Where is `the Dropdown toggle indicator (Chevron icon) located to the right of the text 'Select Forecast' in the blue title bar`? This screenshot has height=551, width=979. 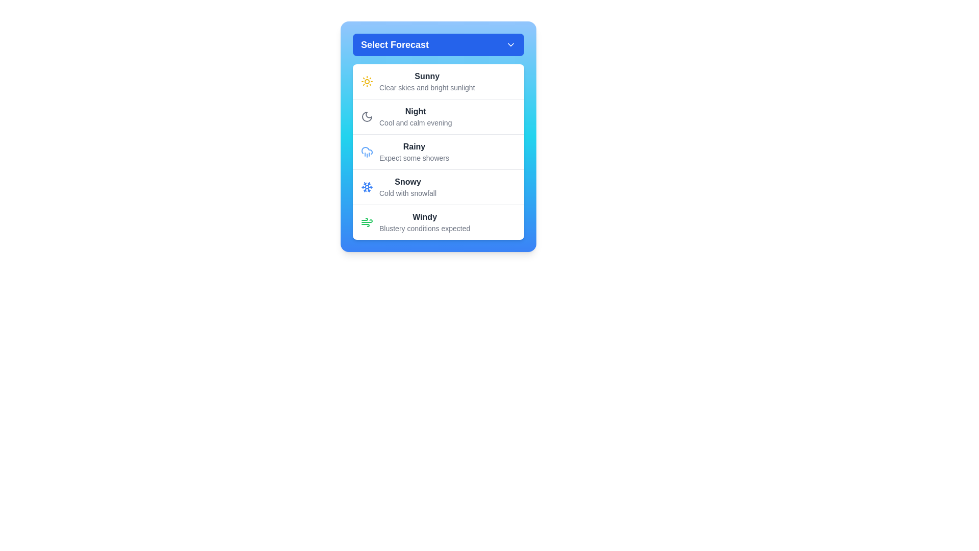 the Dropdown toggle indicator (Chevron icon) located to the right of the text 'Select Forecast' in the blue title bar is located at coordinates (511, 44).